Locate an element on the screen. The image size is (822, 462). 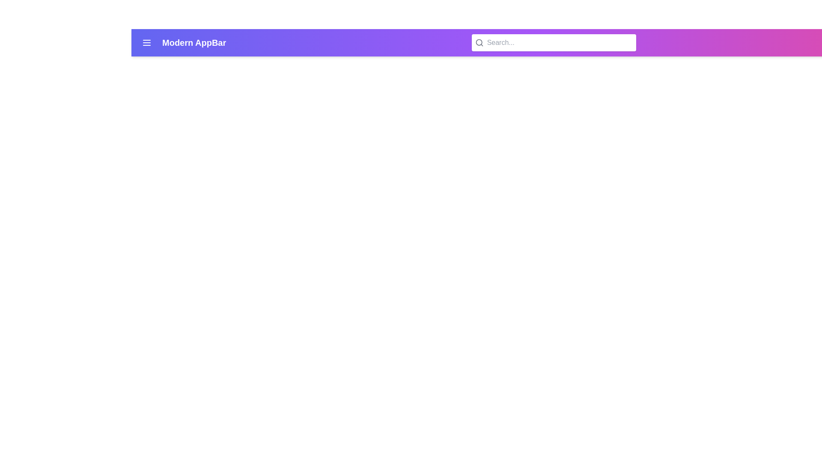
the hamburger menu button is located at coordinates (146, 43).